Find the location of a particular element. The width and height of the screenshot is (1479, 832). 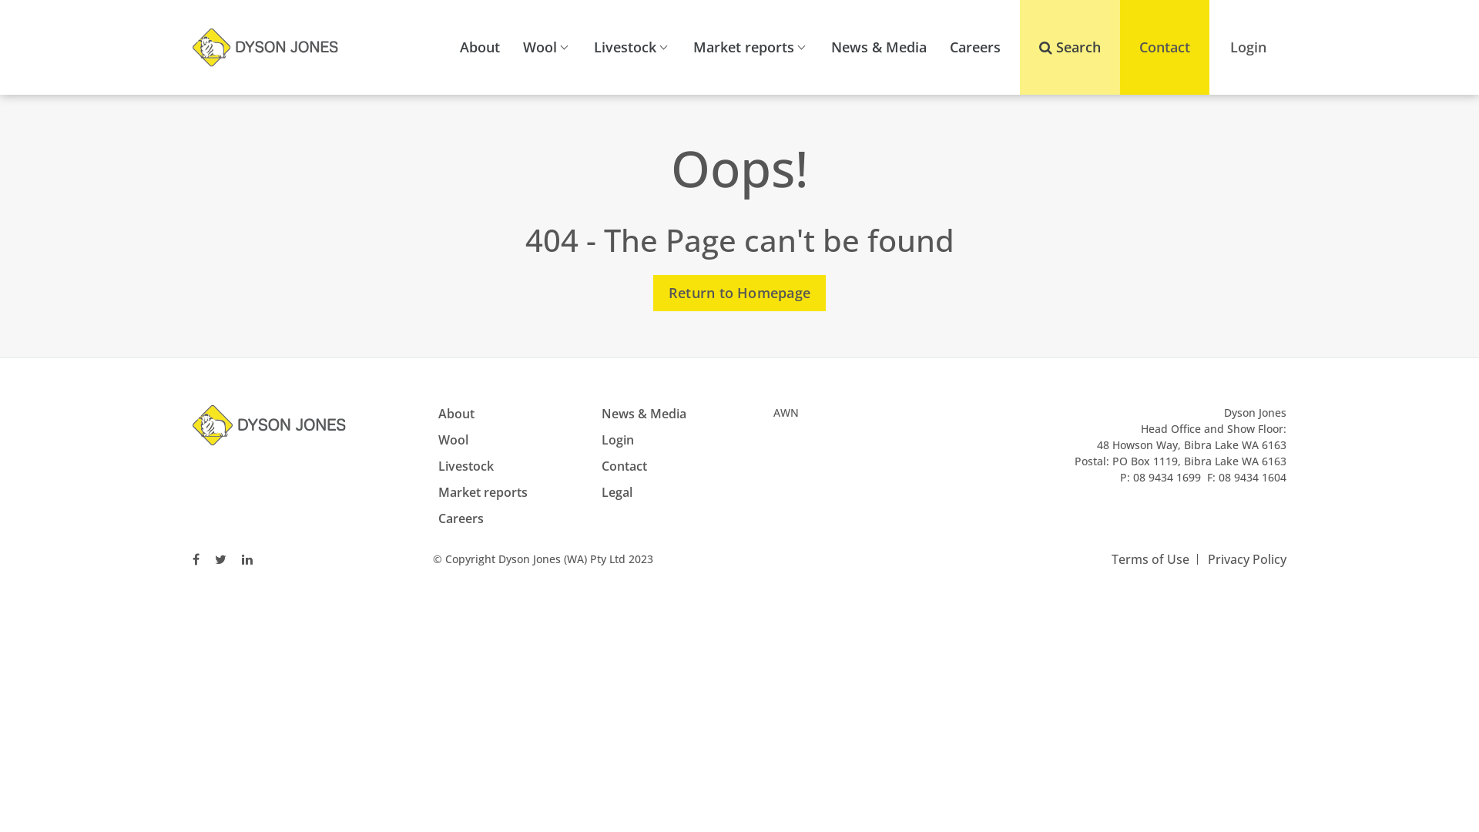

'Terms of Use' is located at coordinates (1150, 559).